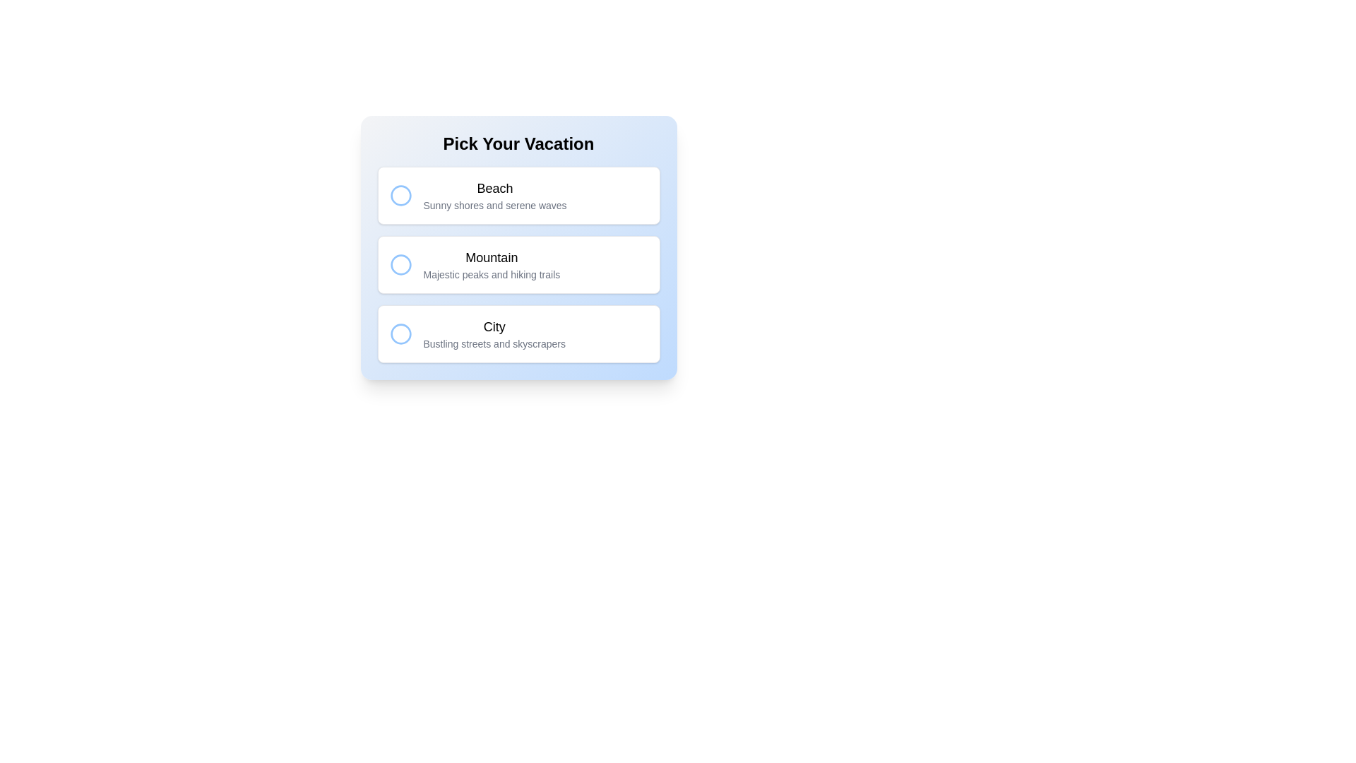 The height and width of the screenshot is (763, 1356). I want to click on the title text of the second option labeled 'Mountain' in the selection card, which is located above the description 'Majestic peaks and hiking trails', so click(492, 258).